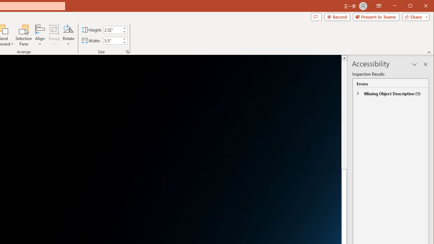 This screenshot has width=434, height=244. Describe the element at coordinates (40, 35) in the screenshot. I see `'Align'` at that location.